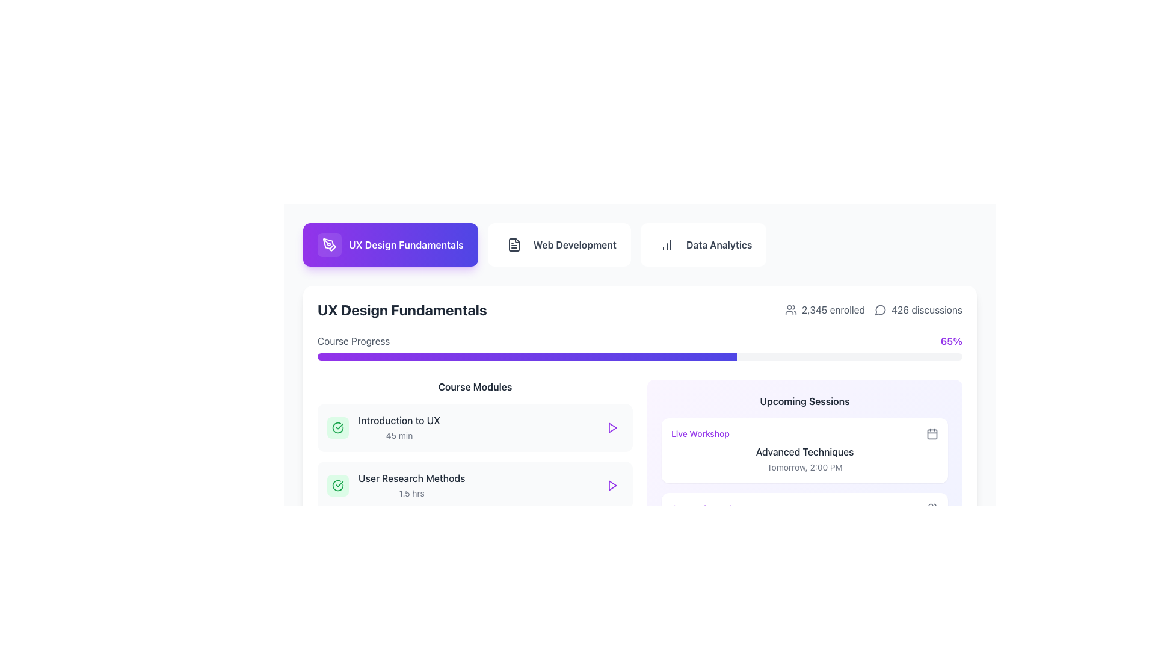  Describe the element at coordinates (950, 341) in the screenshot. I see `the static text display that shows the current progress percentage of the course, located in the 'Course Progress' section, to the right of the 'Course Progress' label` at that location.